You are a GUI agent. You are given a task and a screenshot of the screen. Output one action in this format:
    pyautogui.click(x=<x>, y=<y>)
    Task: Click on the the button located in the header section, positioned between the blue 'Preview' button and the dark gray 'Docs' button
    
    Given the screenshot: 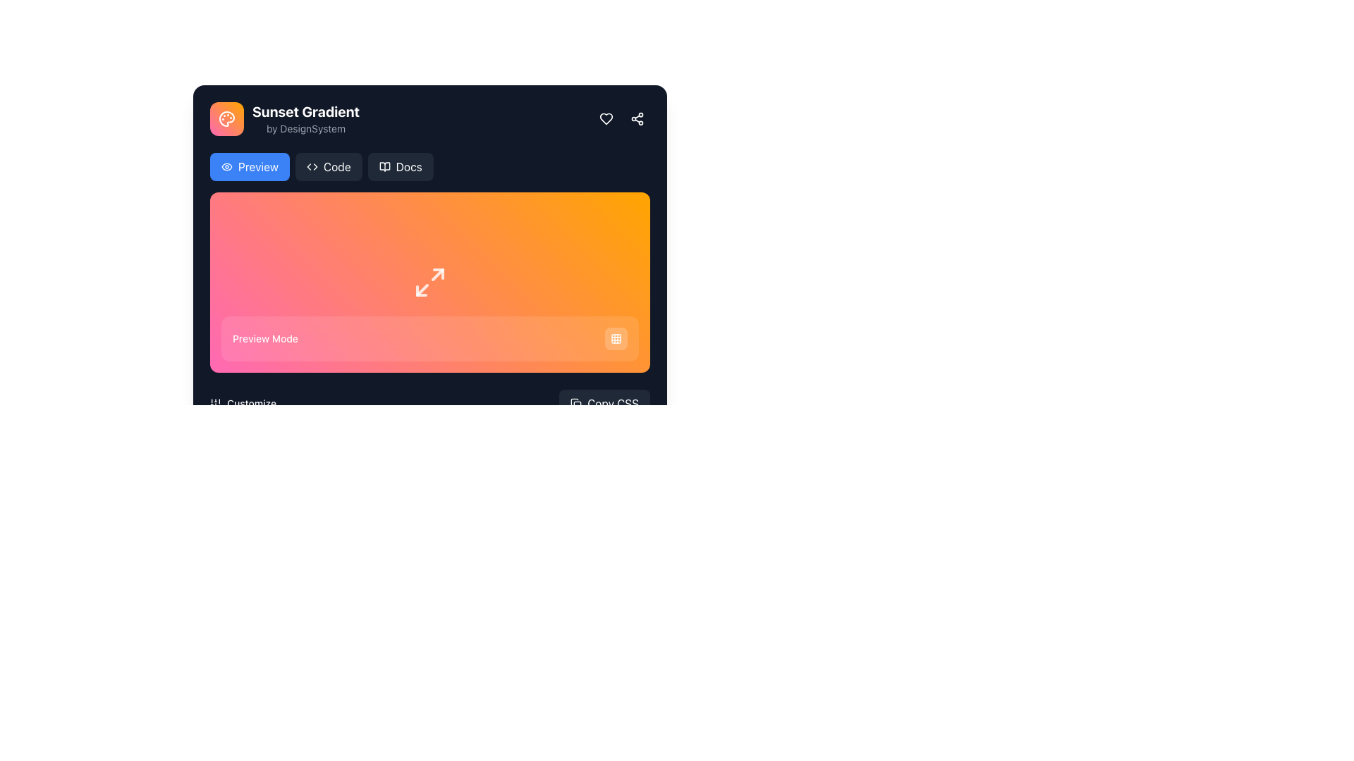 What is the action you would take?
    pyautogui.click(x=328, y=166)
    